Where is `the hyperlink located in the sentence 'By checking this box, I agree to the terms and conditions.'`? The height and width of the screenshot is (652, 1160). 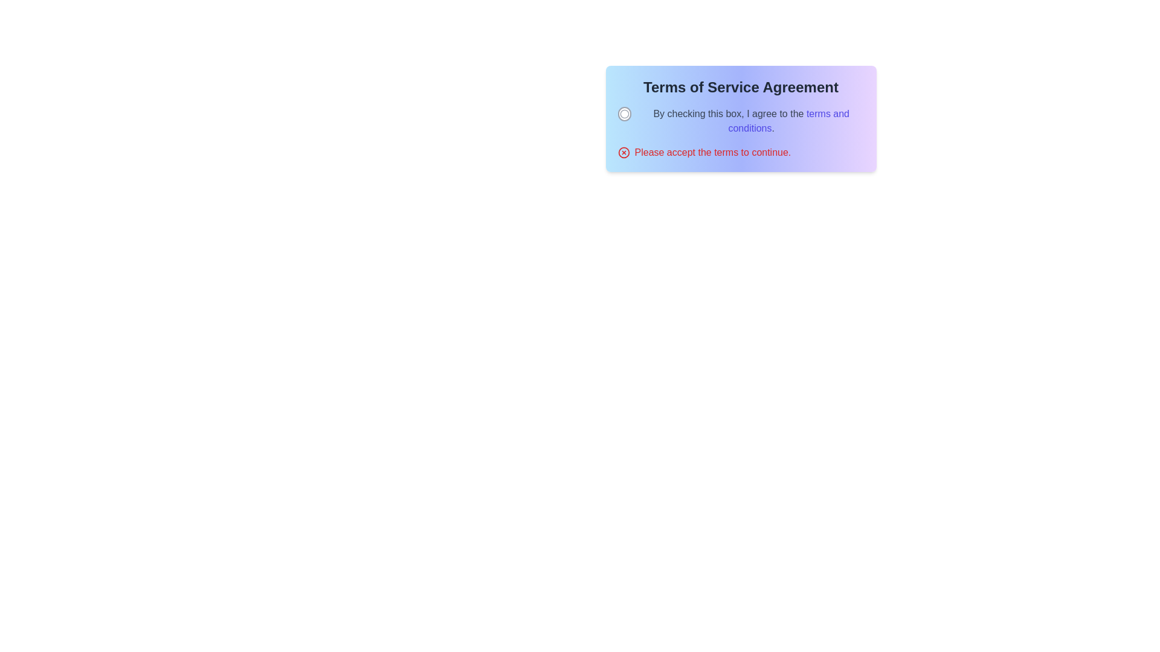
the hyperlink located in the sentence 'By checking this box, I agree to the terms and conditions.' is located at coordinates (788, 121).